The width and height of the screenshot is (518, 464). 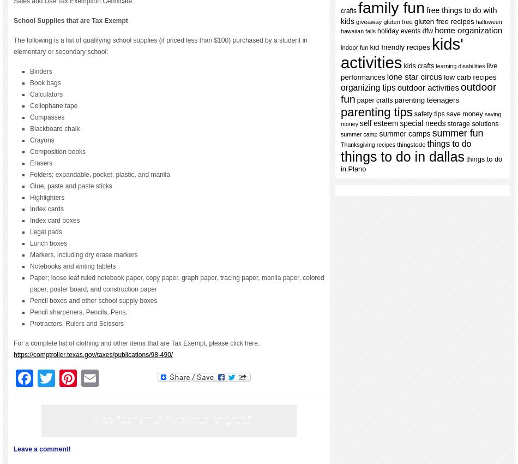 I want to click on 'Calculators', so click(x=46, y=93).